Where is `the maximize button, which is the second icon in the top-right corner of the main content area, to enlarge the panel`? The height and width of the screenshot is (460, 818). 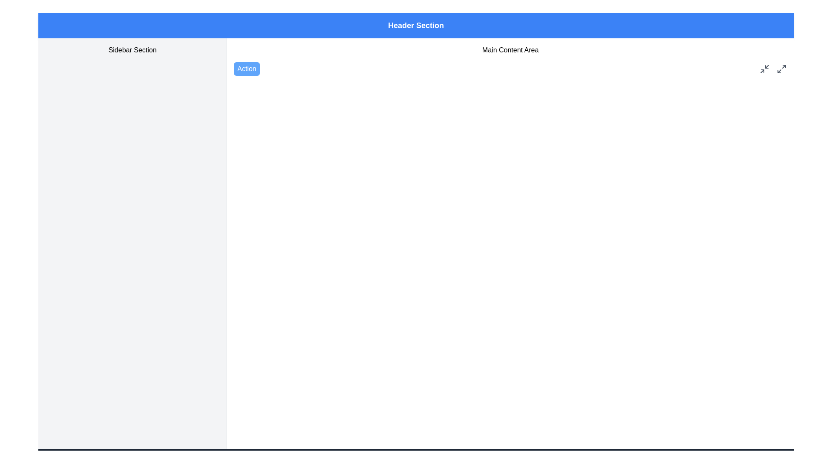
the maximize button, which is the second icon in the top-right corner of the main content area, to enlarge the panel is located at coordinates (781, 69).